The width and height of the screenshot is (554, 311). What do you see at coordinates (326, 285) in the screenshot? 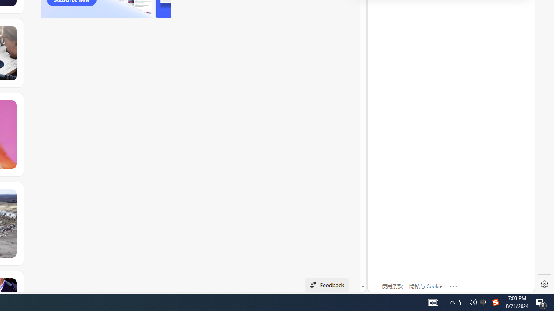
I see `'Feedback'` at bounding box center [326, 285].